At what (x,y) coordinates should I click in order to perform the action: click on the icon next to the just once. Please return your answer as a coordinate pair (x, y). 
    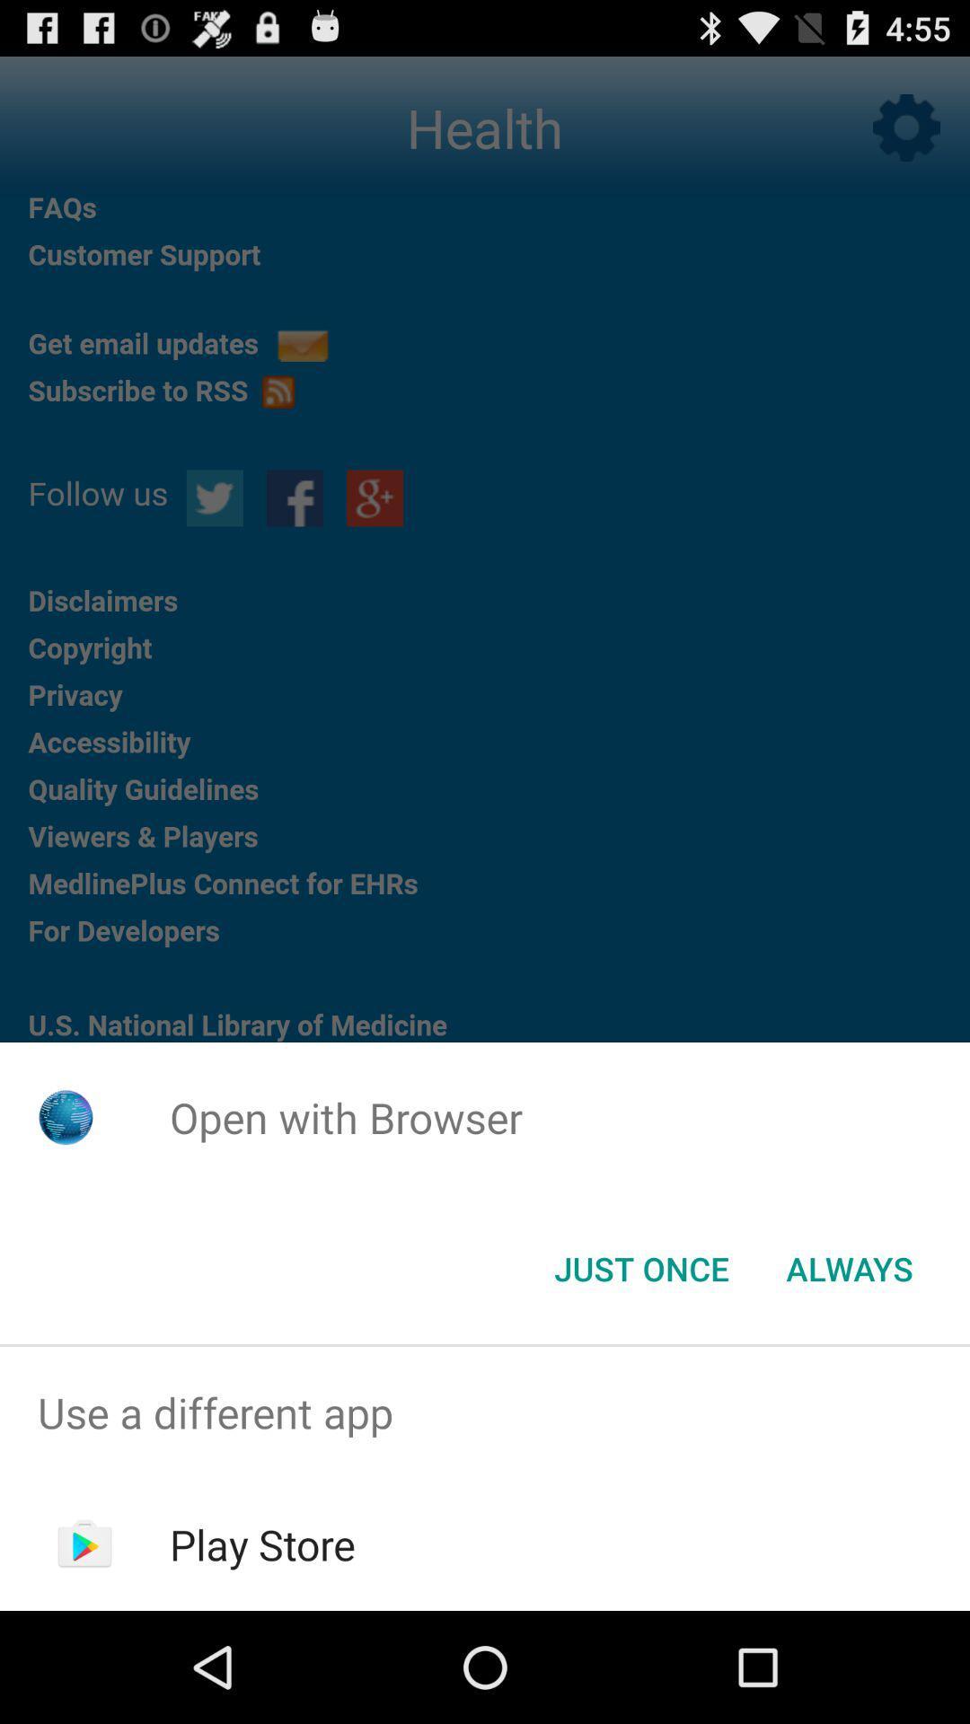
    Looking at the image, I should click on (849, 1267).